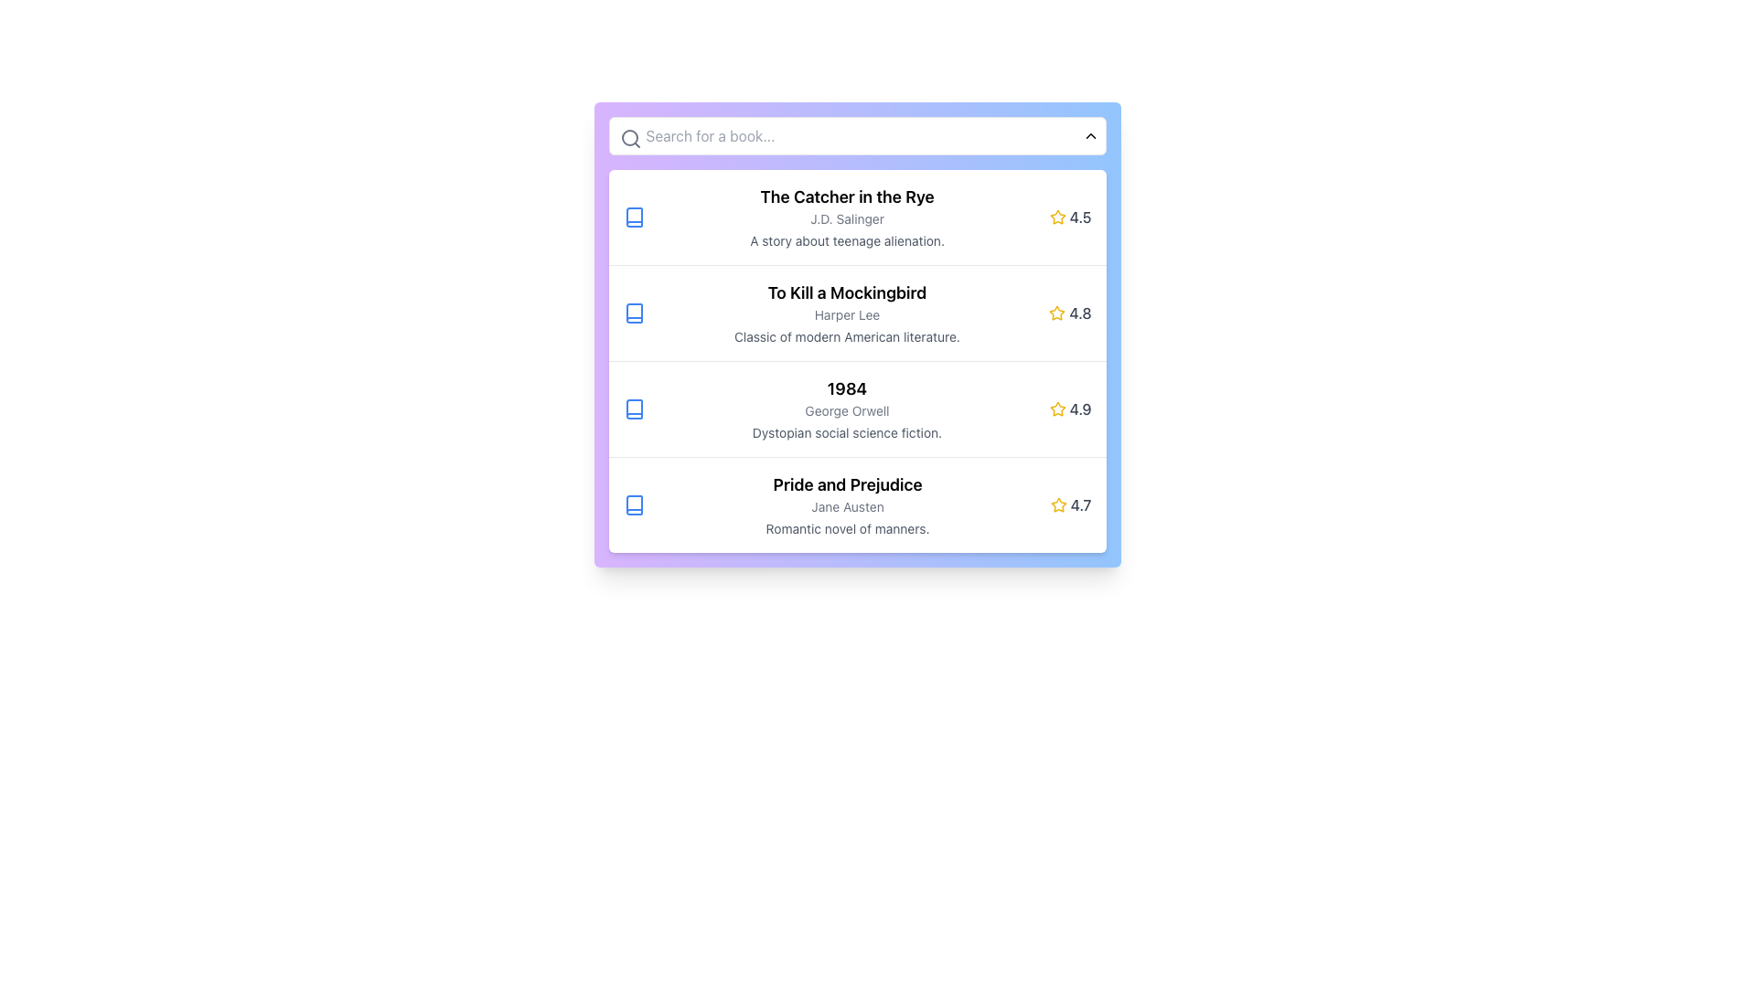 The width and height of the screenshot is (1756, 987). I want to click on the first list item containing details about the book 'The Catcher in the Rye', which includes the title in bold, author in gray, and a star rating of '4.5', so click(856, 217).